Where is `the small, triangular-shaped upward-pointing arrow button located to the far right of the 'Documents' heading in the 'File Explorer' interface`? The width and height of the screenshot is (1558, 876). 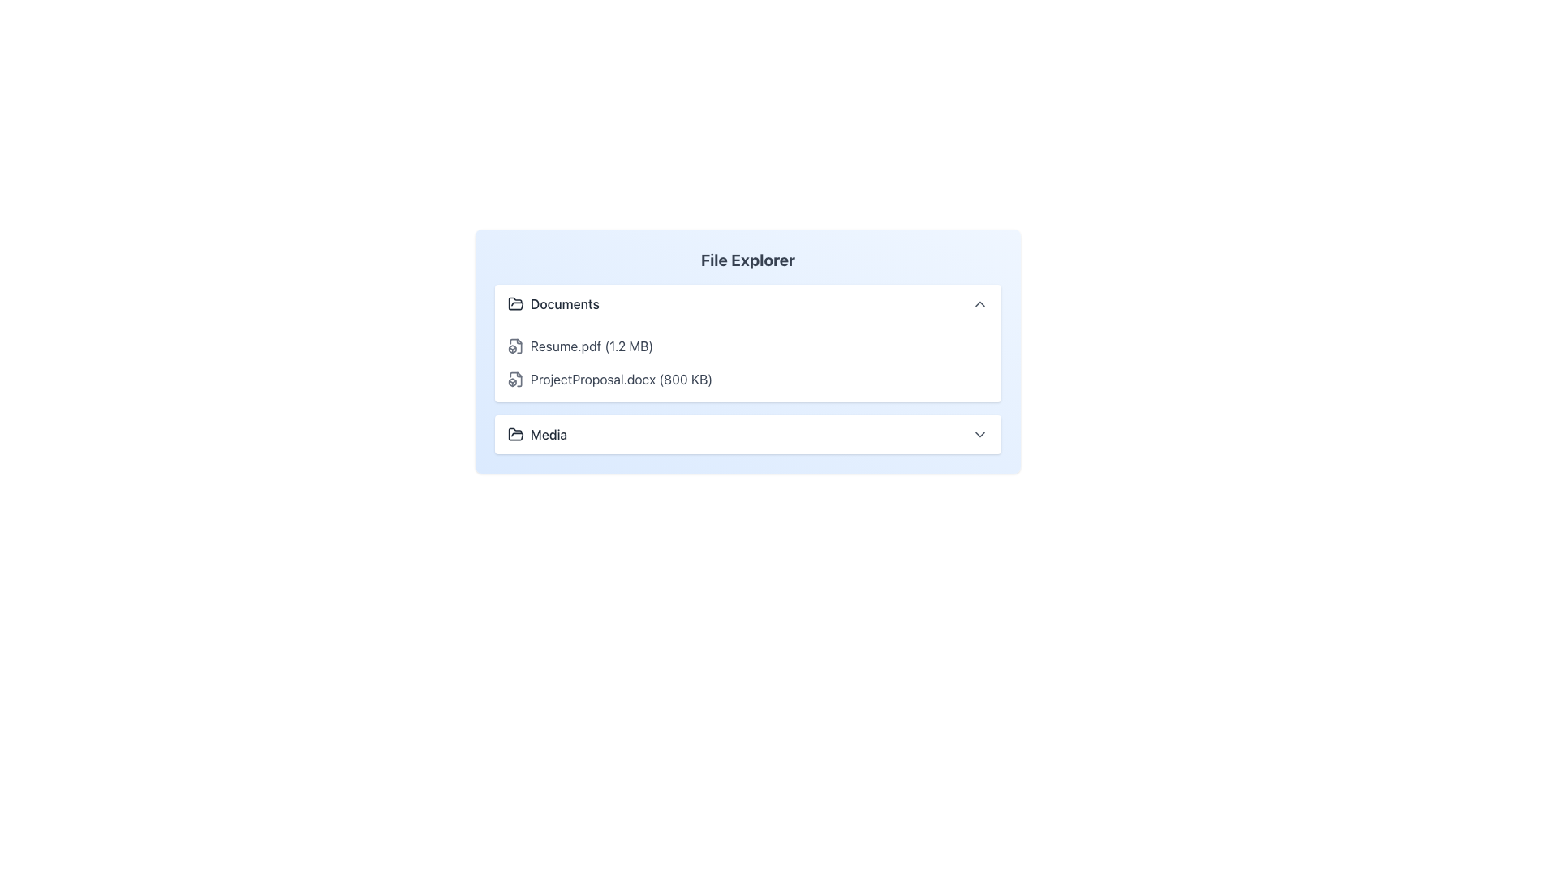
the small, triangular-shaped upward-pointing arrow button located to the far right of the 'Documents' heading in the 'File Explorer' interface is located at coordinates (979, 303).